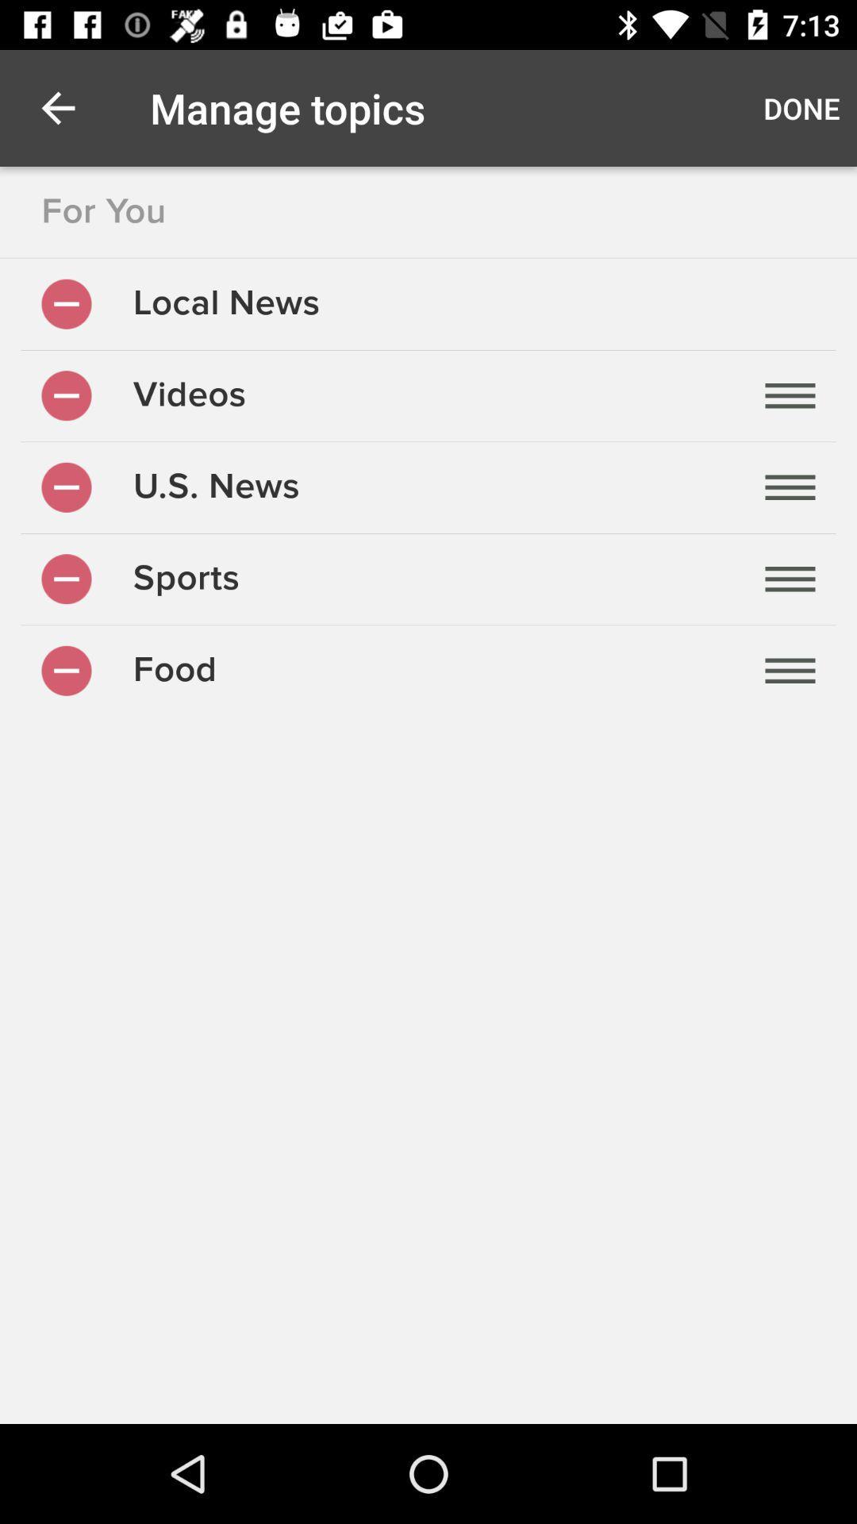  Describe the element at coordinates (66, 395) in the screenshot. I see `deselect videos` at that location.